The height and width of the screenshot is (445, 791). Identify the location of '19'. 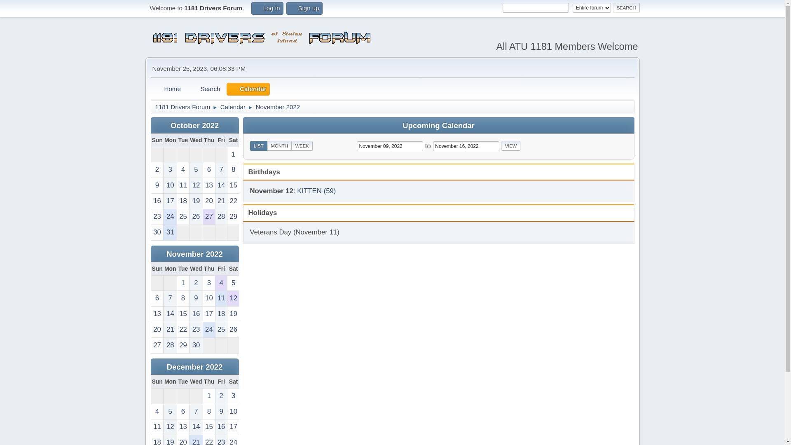
(227, 314).